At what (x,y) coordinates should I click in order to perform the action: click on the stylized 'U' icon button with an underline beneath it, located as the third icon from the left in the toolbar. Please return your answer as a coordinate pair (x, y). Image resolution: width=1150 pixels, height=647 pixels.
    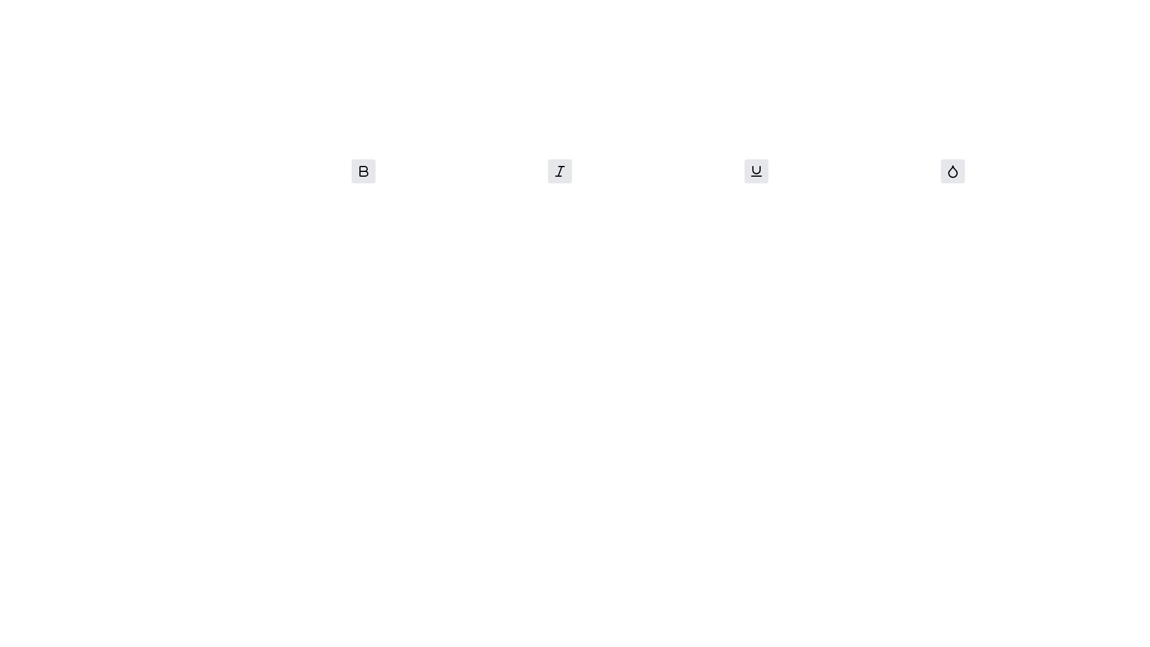
    Looking at the image, I should click on (755, 171).